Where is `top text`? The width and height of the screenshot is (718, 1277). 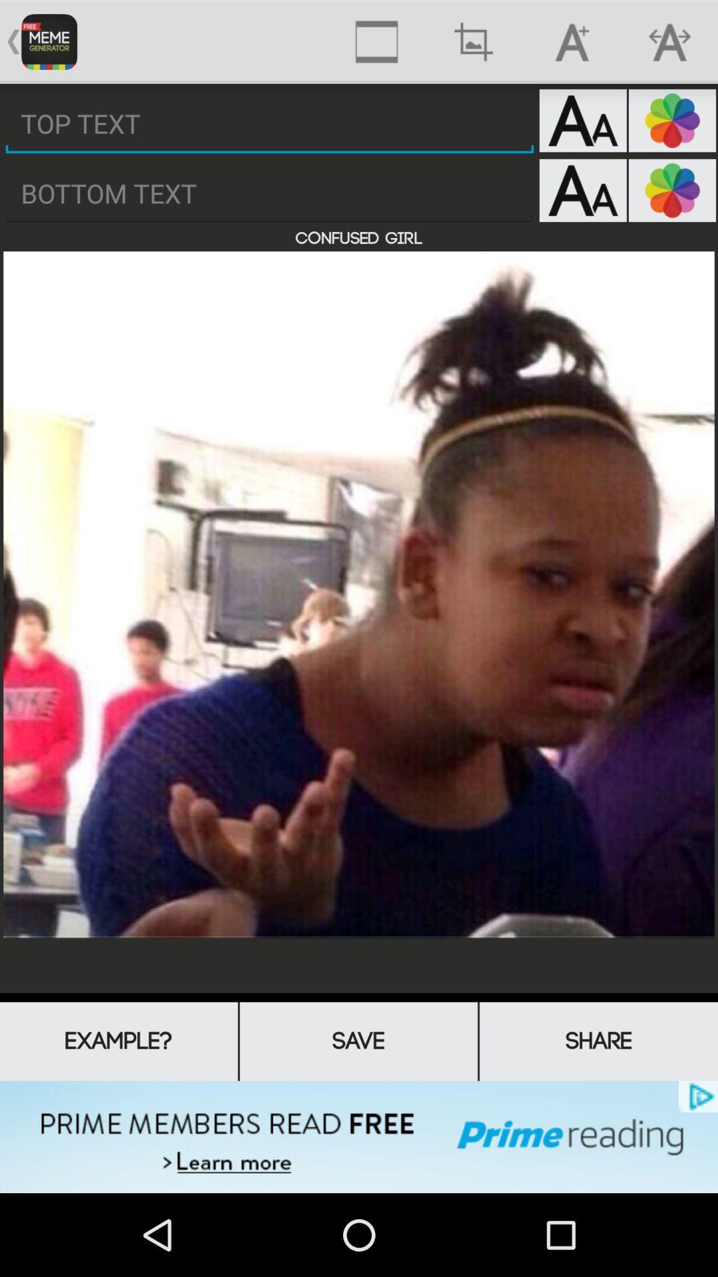 top text is located at coordinates (269, 124).